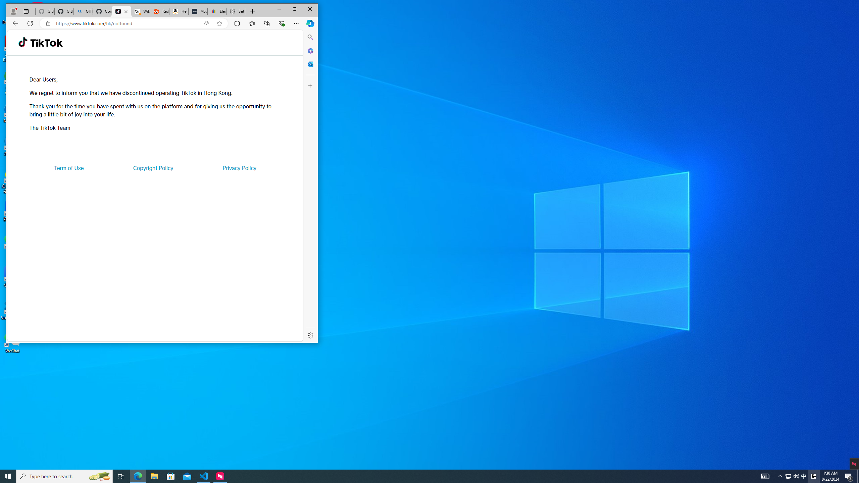 The height and width of the screenshot is (483, 859). Describe the element at coordinates (858, 476) in the screenshot. I see `'Show desktop'` at that location.